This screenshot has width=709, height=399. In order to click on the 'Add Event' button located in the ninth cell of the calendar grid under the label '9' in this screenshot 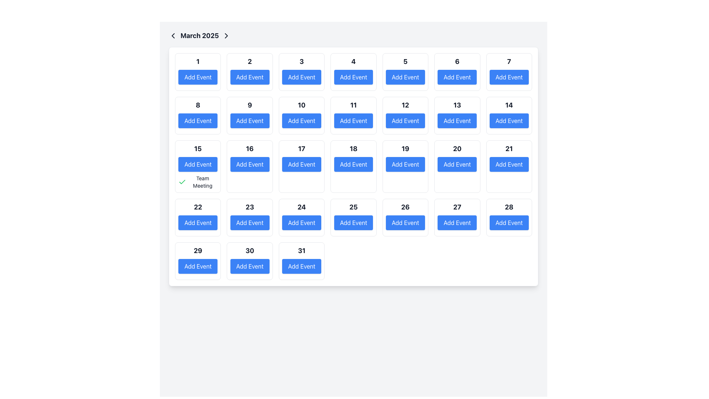, I will do `click(250, 115)`.